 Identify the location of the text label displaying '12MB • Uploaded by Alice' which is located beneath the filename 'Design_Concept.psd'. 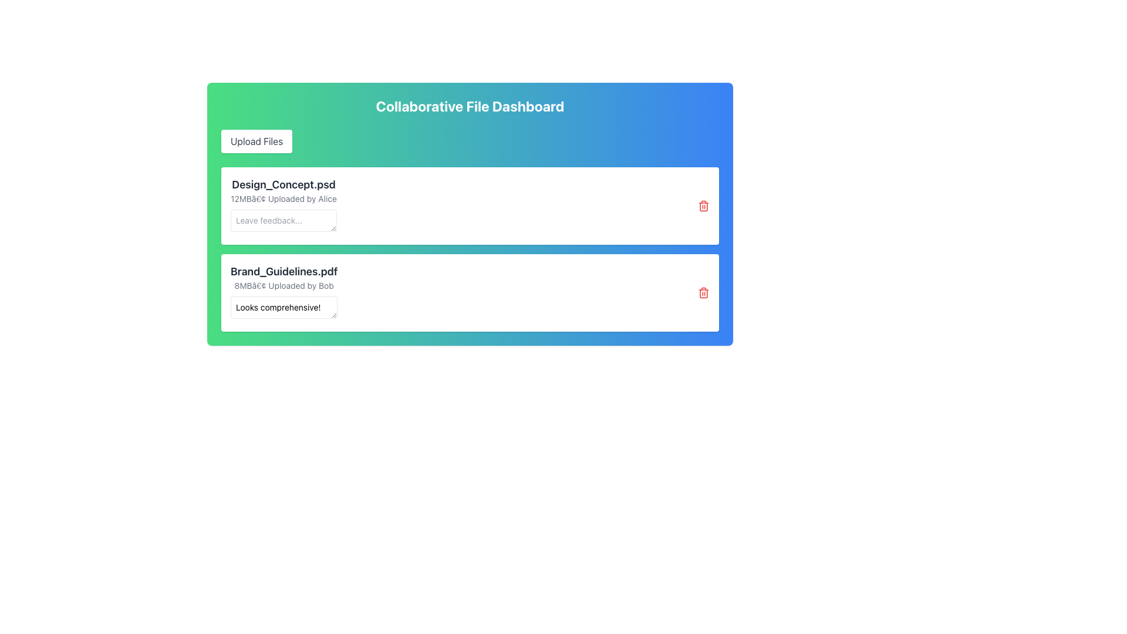
(284, 198).